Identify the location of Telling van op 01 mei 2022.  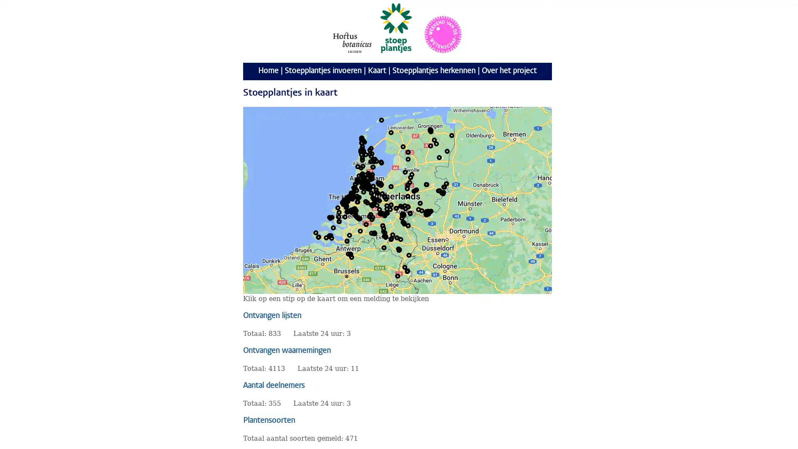
(391, 238).